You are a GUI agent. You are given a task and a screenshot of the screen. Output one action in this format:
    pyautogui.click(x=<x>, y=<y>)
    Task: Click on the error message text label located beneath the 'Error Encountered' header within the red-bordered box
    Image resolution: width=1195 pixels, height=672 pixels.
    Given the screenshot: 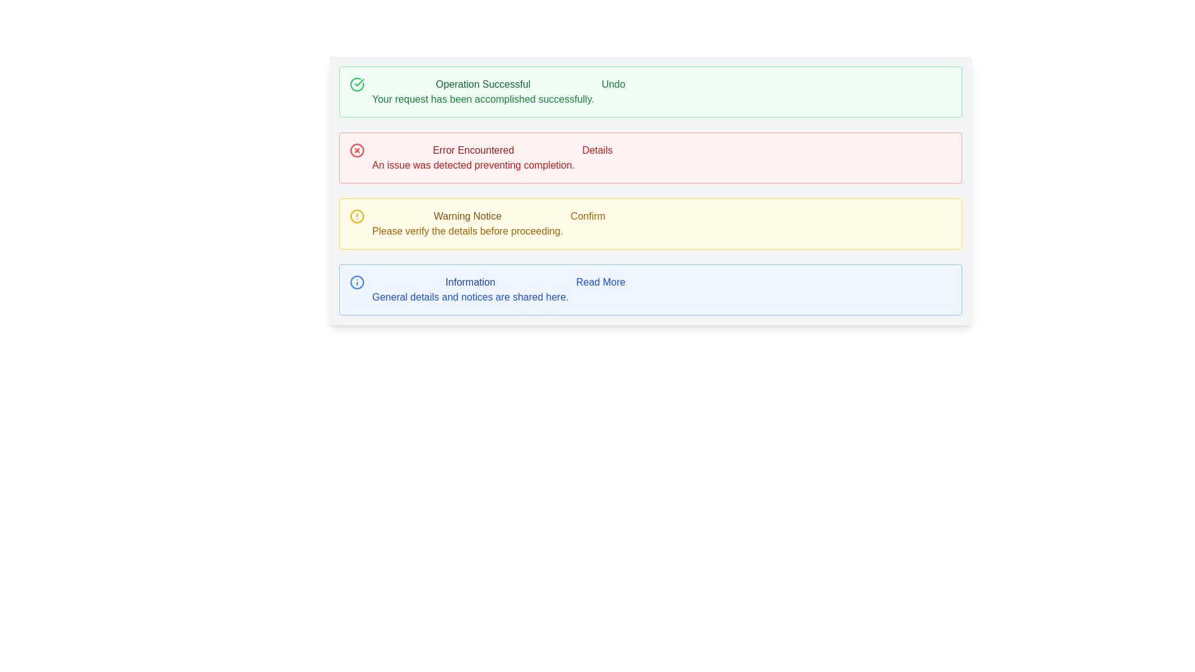 What is the action you would take?
    pyautogui.click(x=472, y=165)
    